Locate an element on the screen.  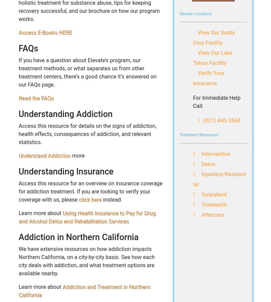
'For Immediate Help Call:' is located at coordinates (192, 102).